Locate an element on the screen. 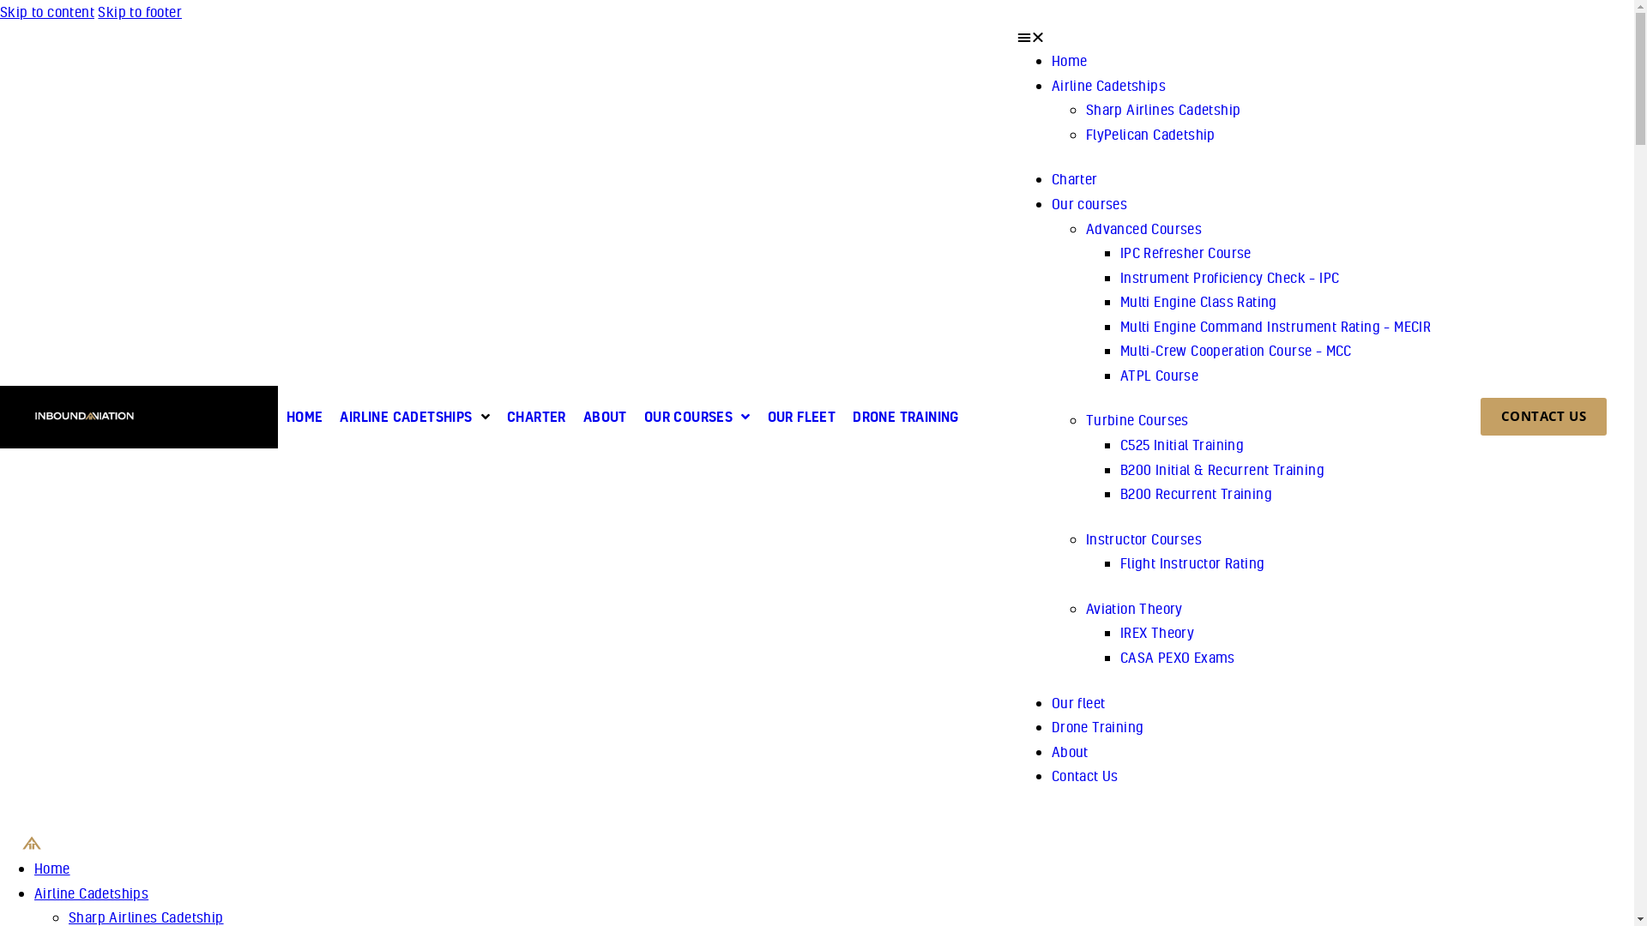  'IPC Refresher Course' is located at coordinates (1185, 252).